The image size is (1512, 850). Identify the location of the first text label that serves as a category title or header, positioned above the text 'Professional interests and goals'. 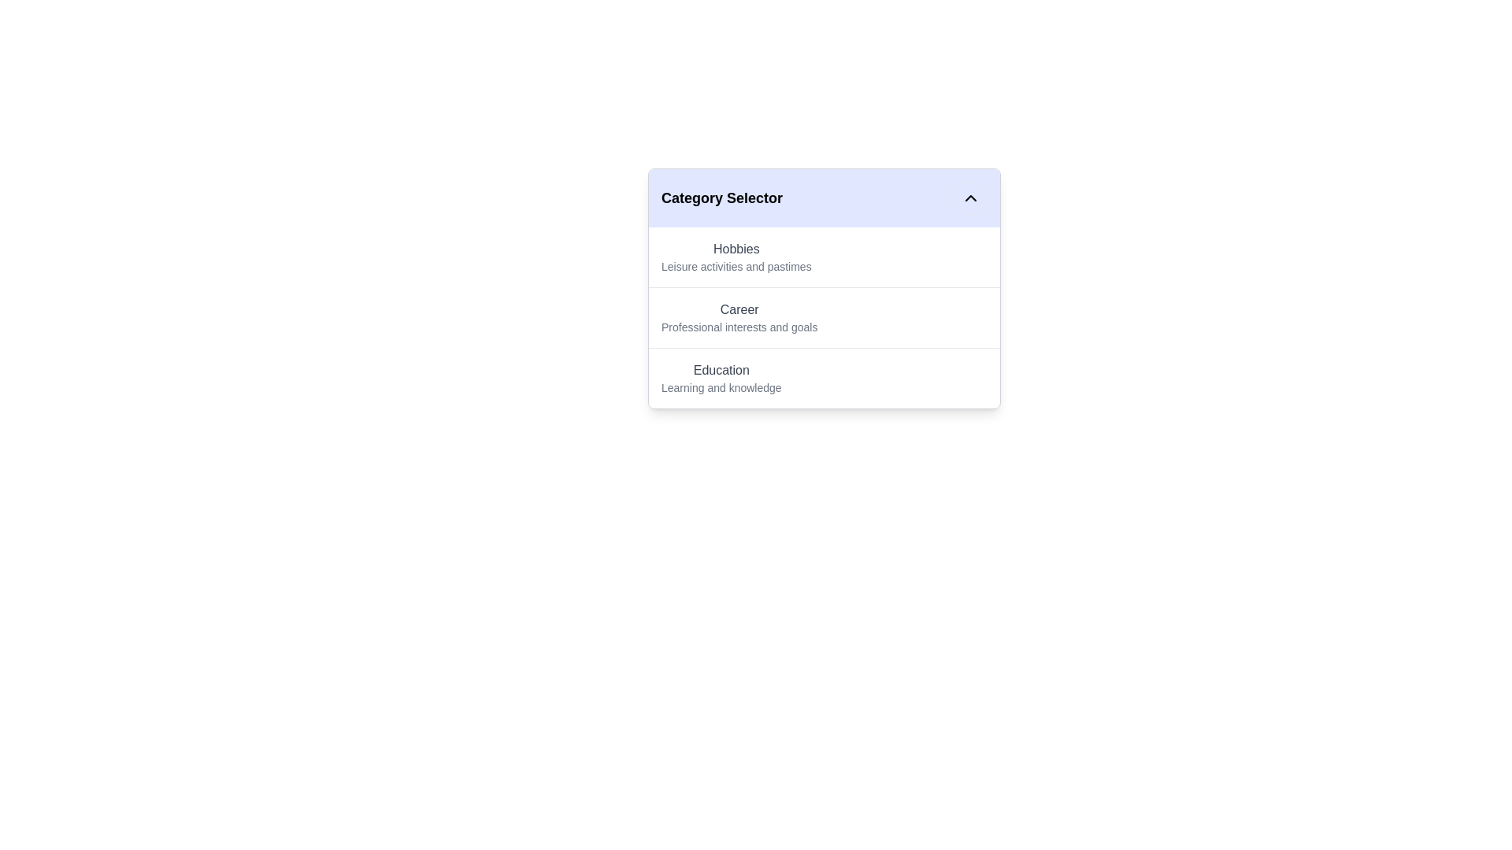
(739, 309).